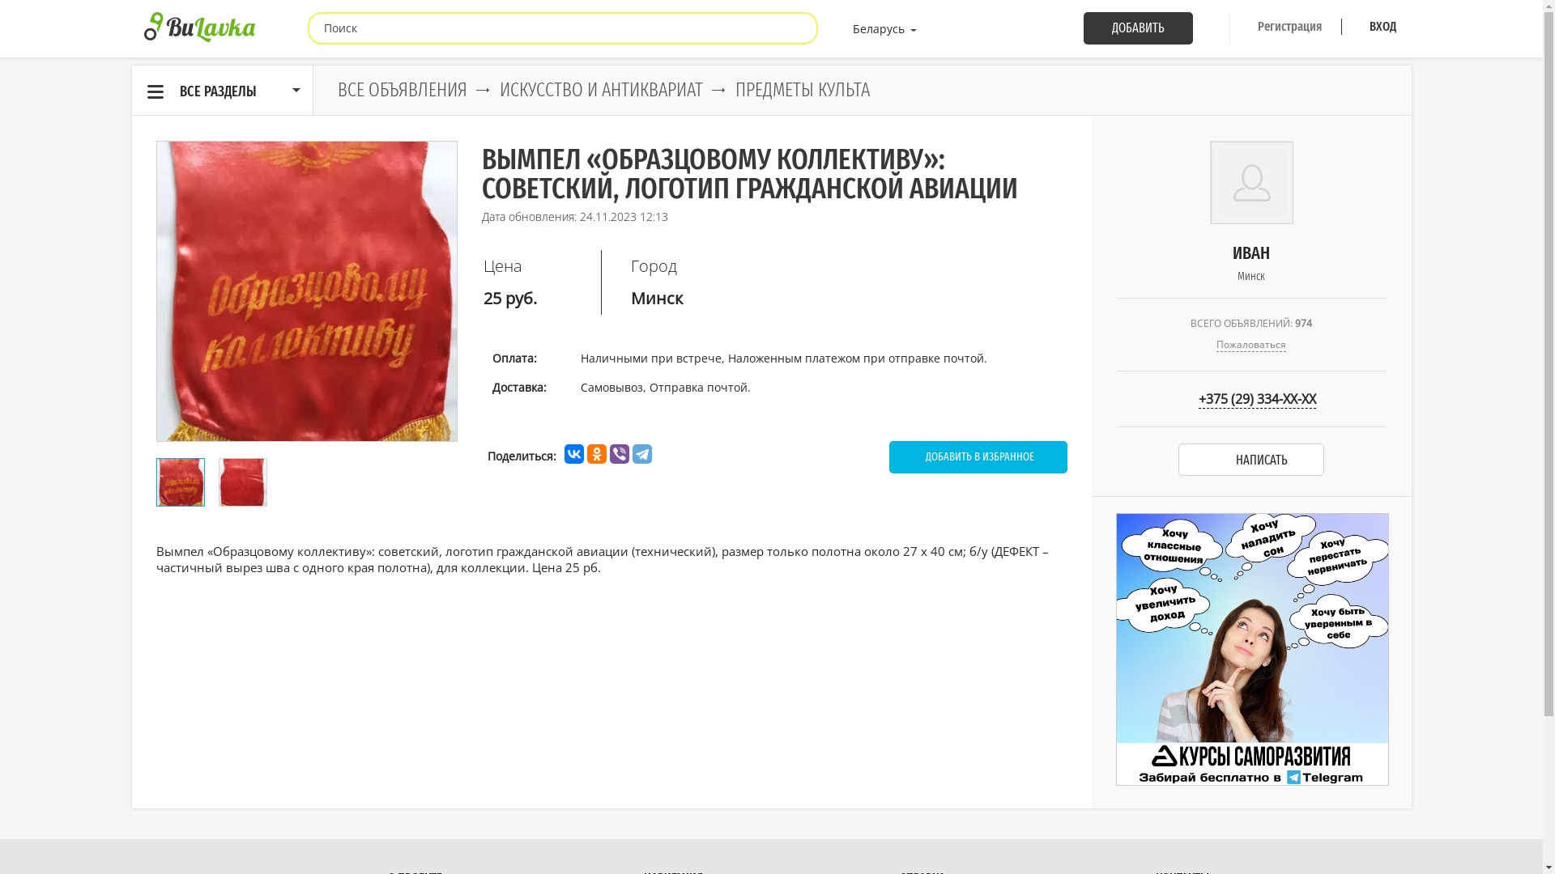 This screenshot has width=1555, height=874. What do you see at coordinates (617, 453) in the screenshot?
I see `'Viber'` at bounding box center [617, 453].